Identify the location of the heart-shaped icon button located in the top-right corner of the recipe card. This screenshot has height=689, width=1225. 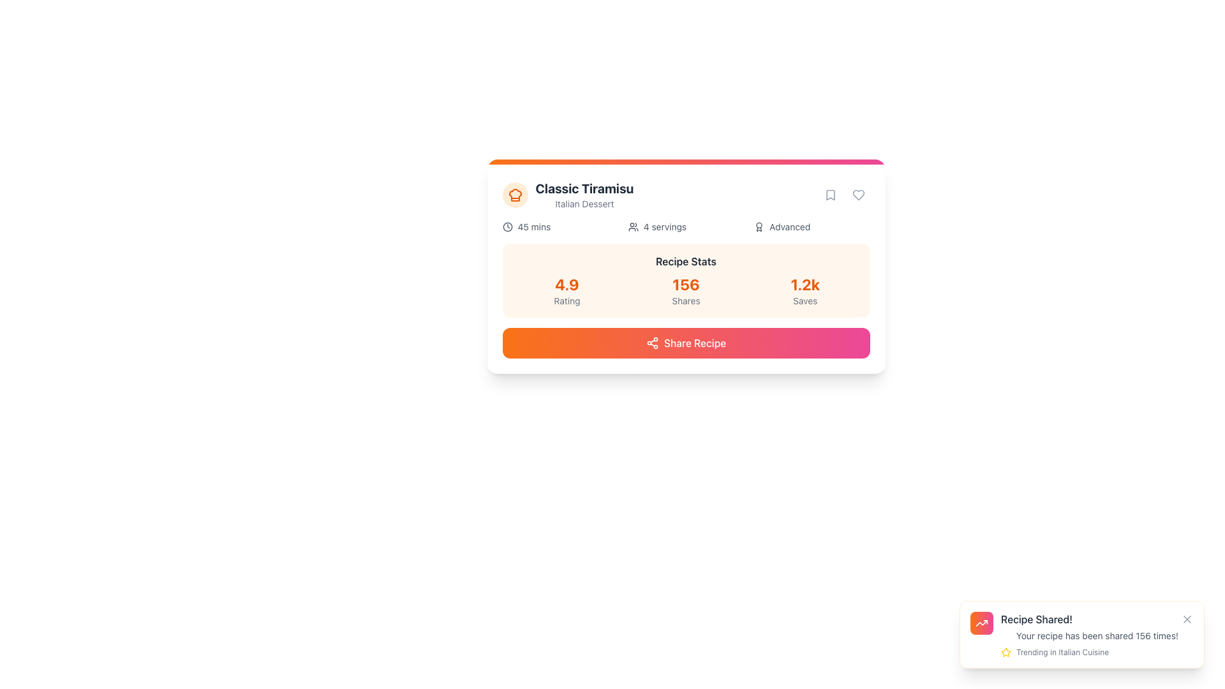
(858, 195).